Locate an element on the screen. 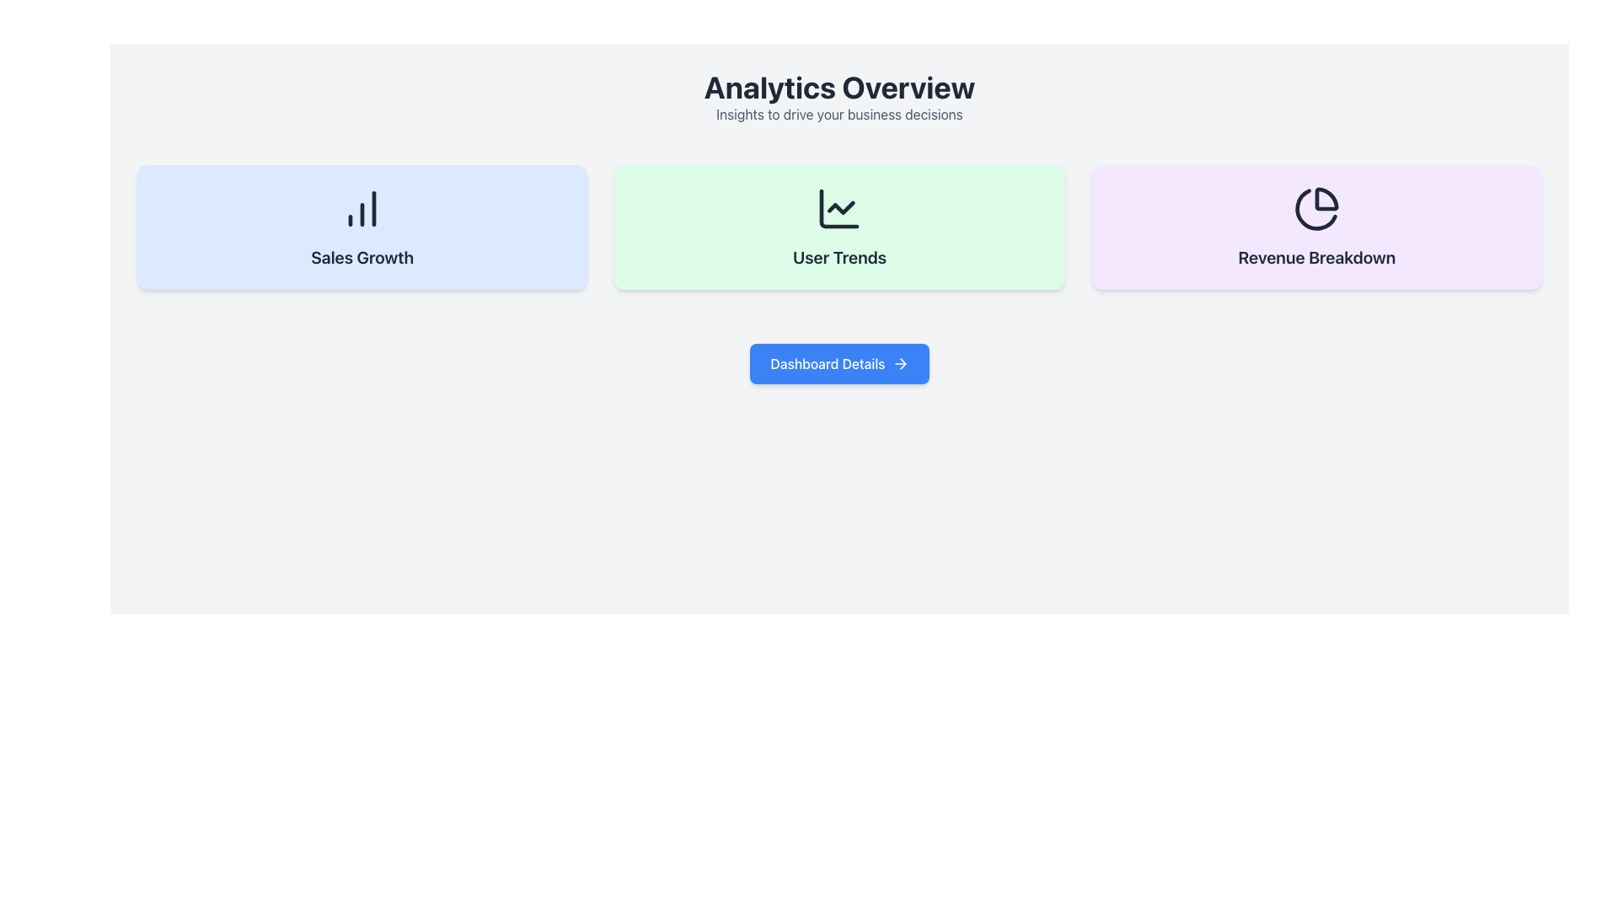  the 'User Trends' clickable card, which is a rectangular card with a pale green background and a black outlined line chart icon at the top center is located at coordinates (839, 227).